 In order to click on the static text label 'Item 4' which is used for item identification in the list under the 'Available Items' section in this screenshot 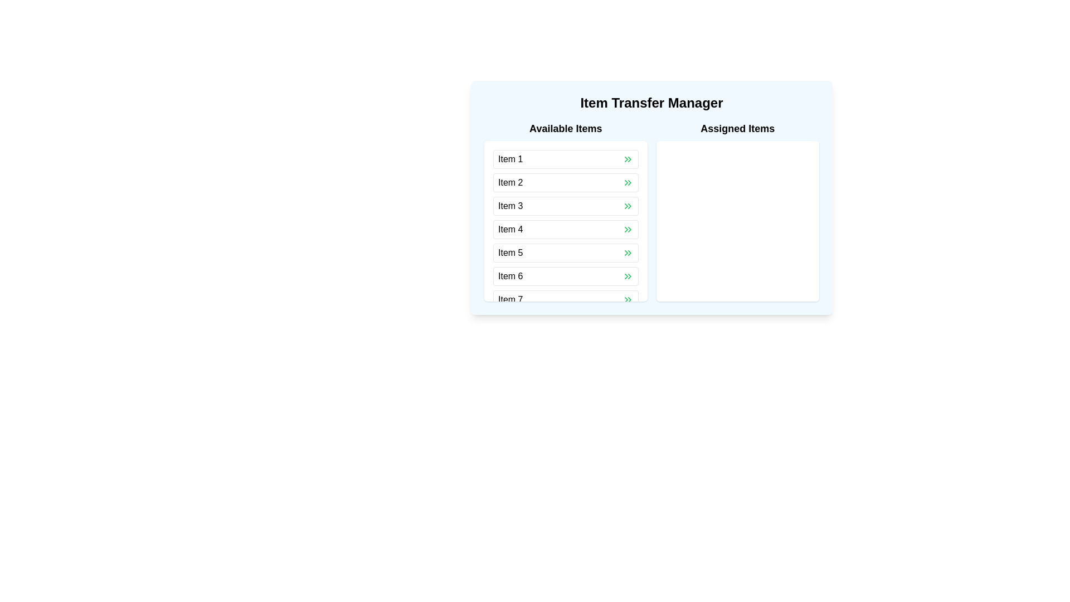, I will do `click(510, 229)`.